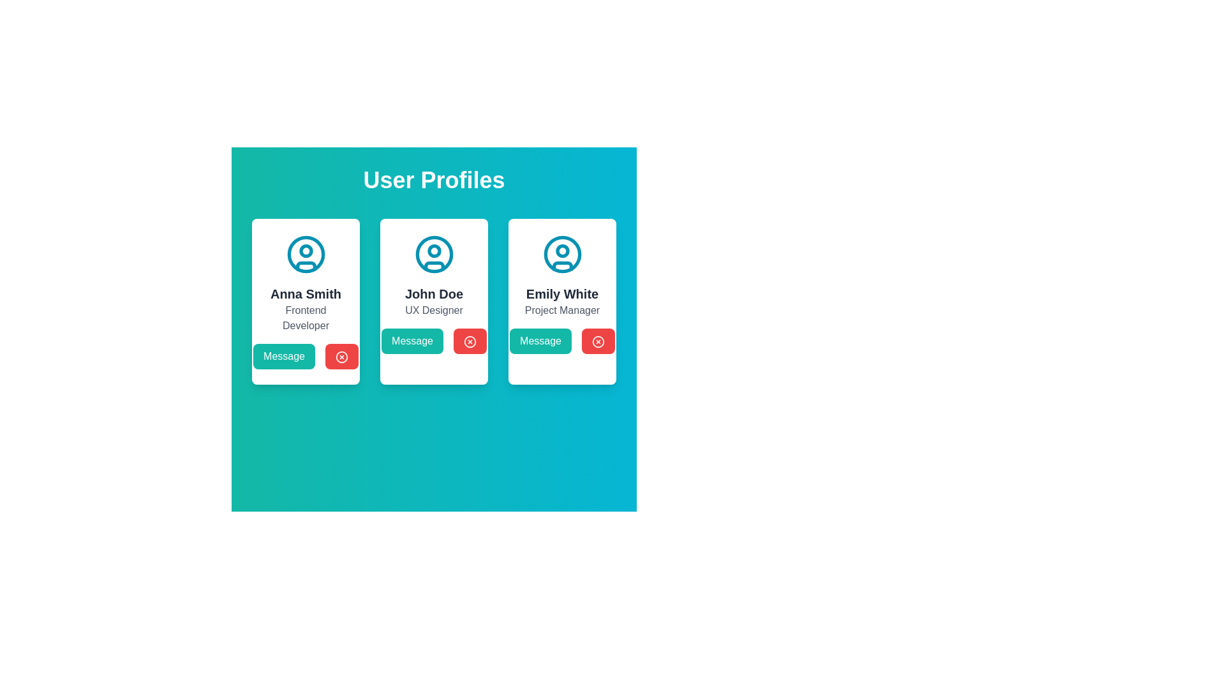 Image resolution: width=1225 pixels, height=689 pixels. What do you see at coordinates (561, 254) in the screenshot?
I see `the Profile icon, which is a cyan SVG graphic representing a user profile, located at the top center of the third user profile card from the left` at bounding box center [561, 254].